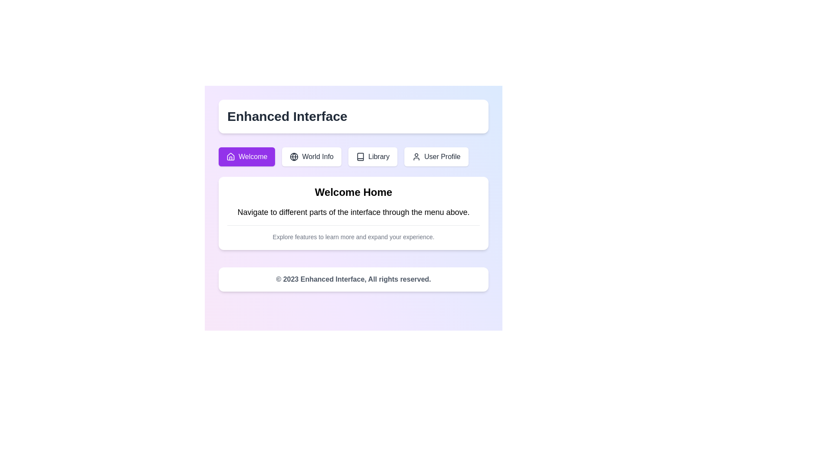 The width and height of the screenshot is (833, 468). What do you see at coordinates (354, 279) in the screenshot?
I see `text content of the copyright notice located at the bottom of the interface, which provides legal and informative text indicating ownership and year` at bounding box center [354, 279].